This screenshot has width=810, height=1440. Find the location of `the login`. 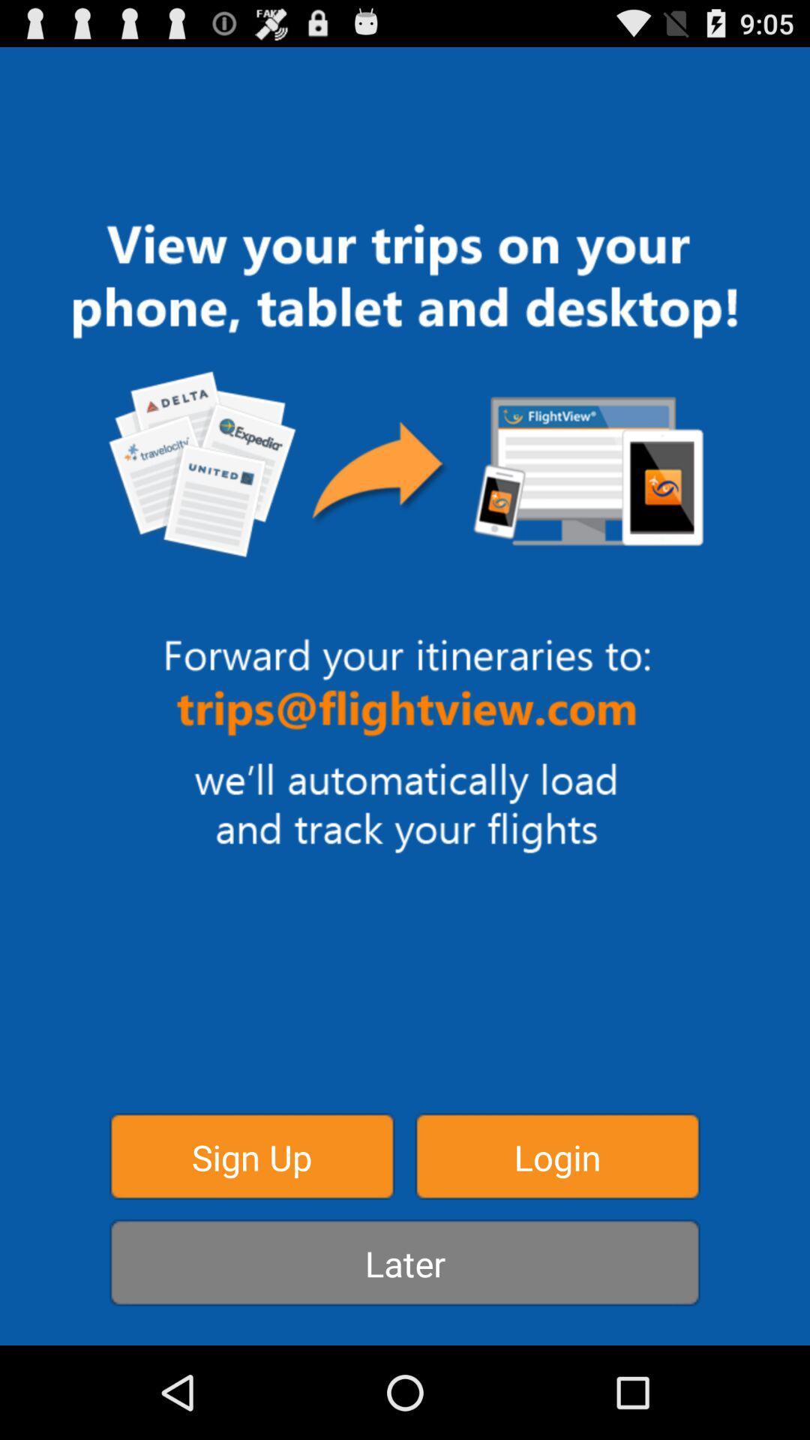

the login is located at coordinates (557, 1155).